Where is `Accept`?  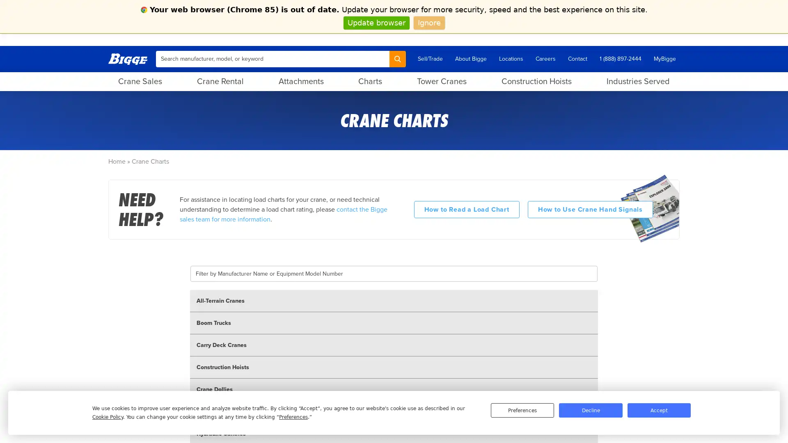 Accept is located at coordinates (659, 410).